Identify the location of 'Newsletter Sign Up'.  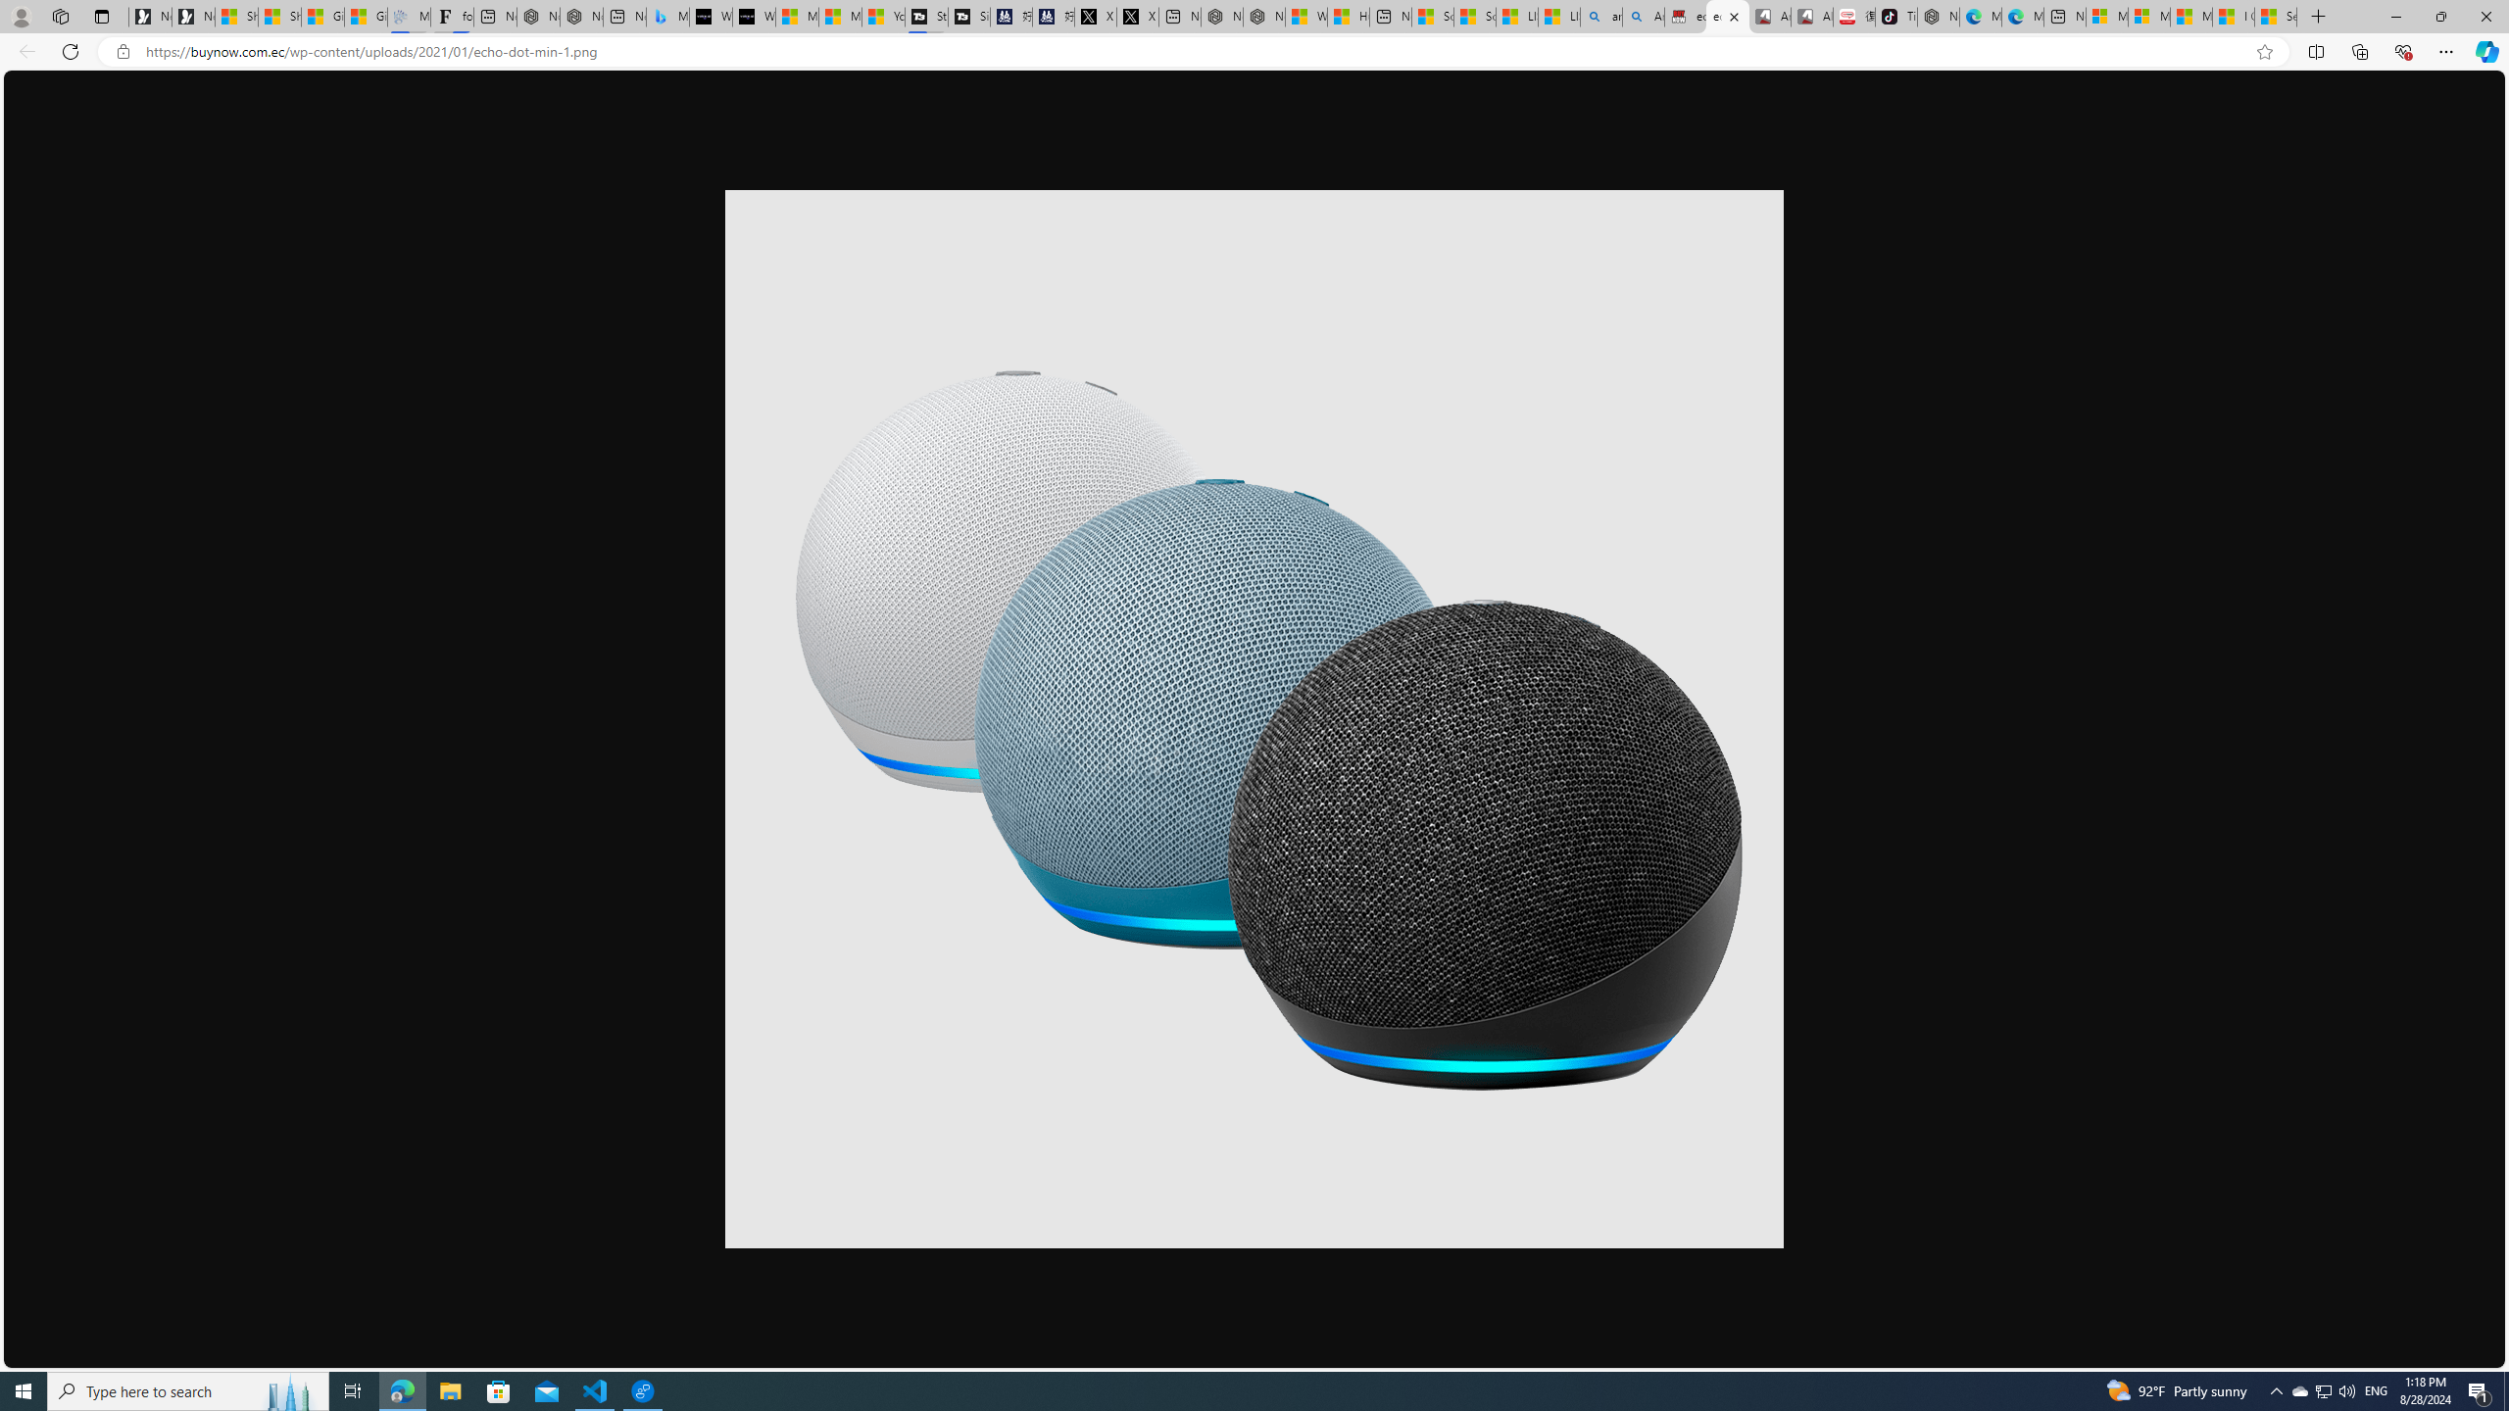
(192, 16).